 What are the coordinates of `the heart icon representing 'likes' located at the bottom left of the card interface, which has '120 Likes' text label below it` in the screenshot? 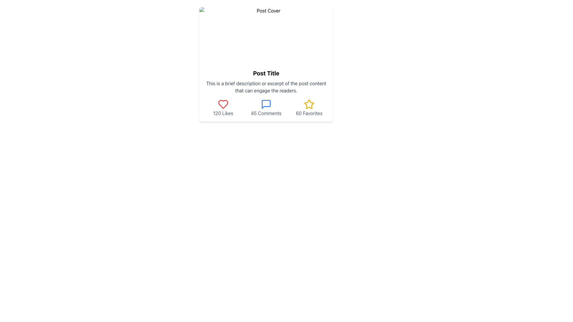 It's located at (223, 104).